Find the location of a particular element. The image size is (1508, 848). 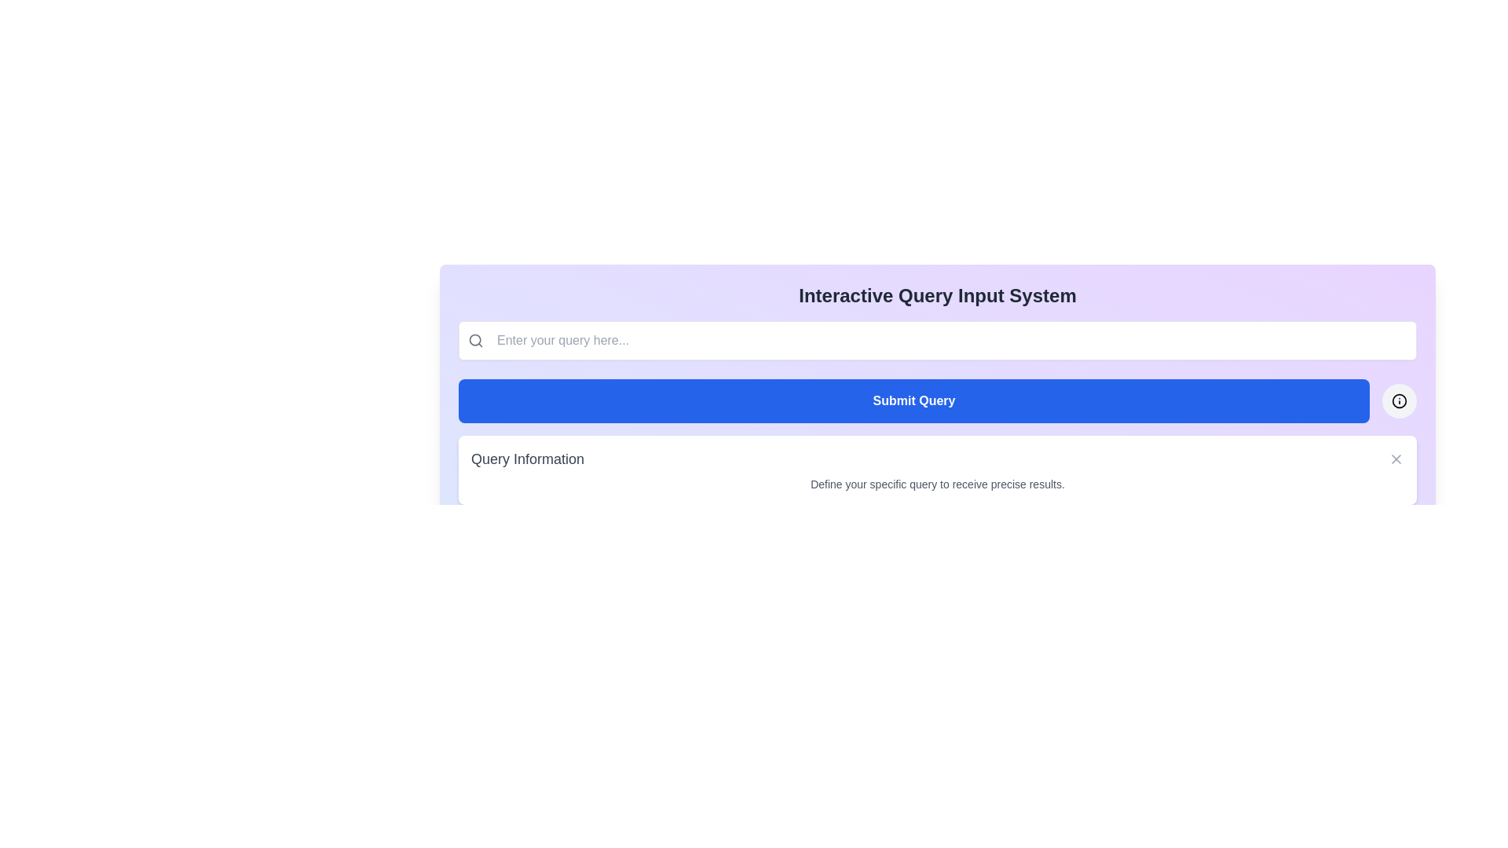

the text label that serves as a heading or label, located just below the 'Submit Query' button and to the left of small interactive elements is located at coordinates (528, 459).